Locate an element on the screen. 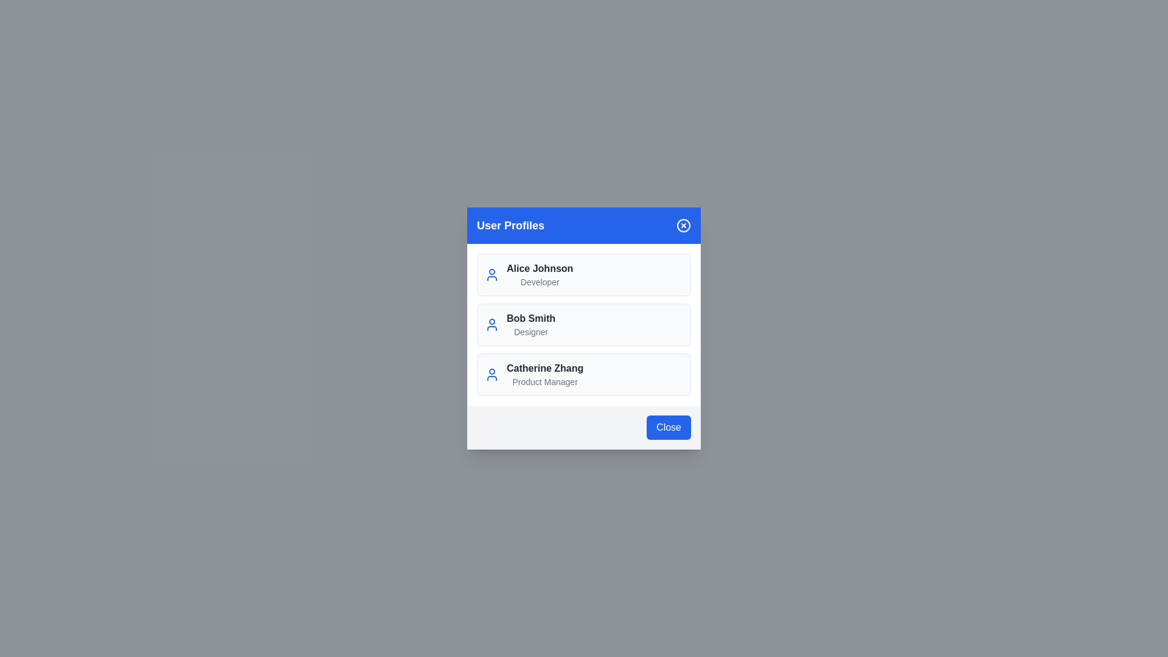  the user profile Alice Johnson from the list is located at coordinates (584, 274).